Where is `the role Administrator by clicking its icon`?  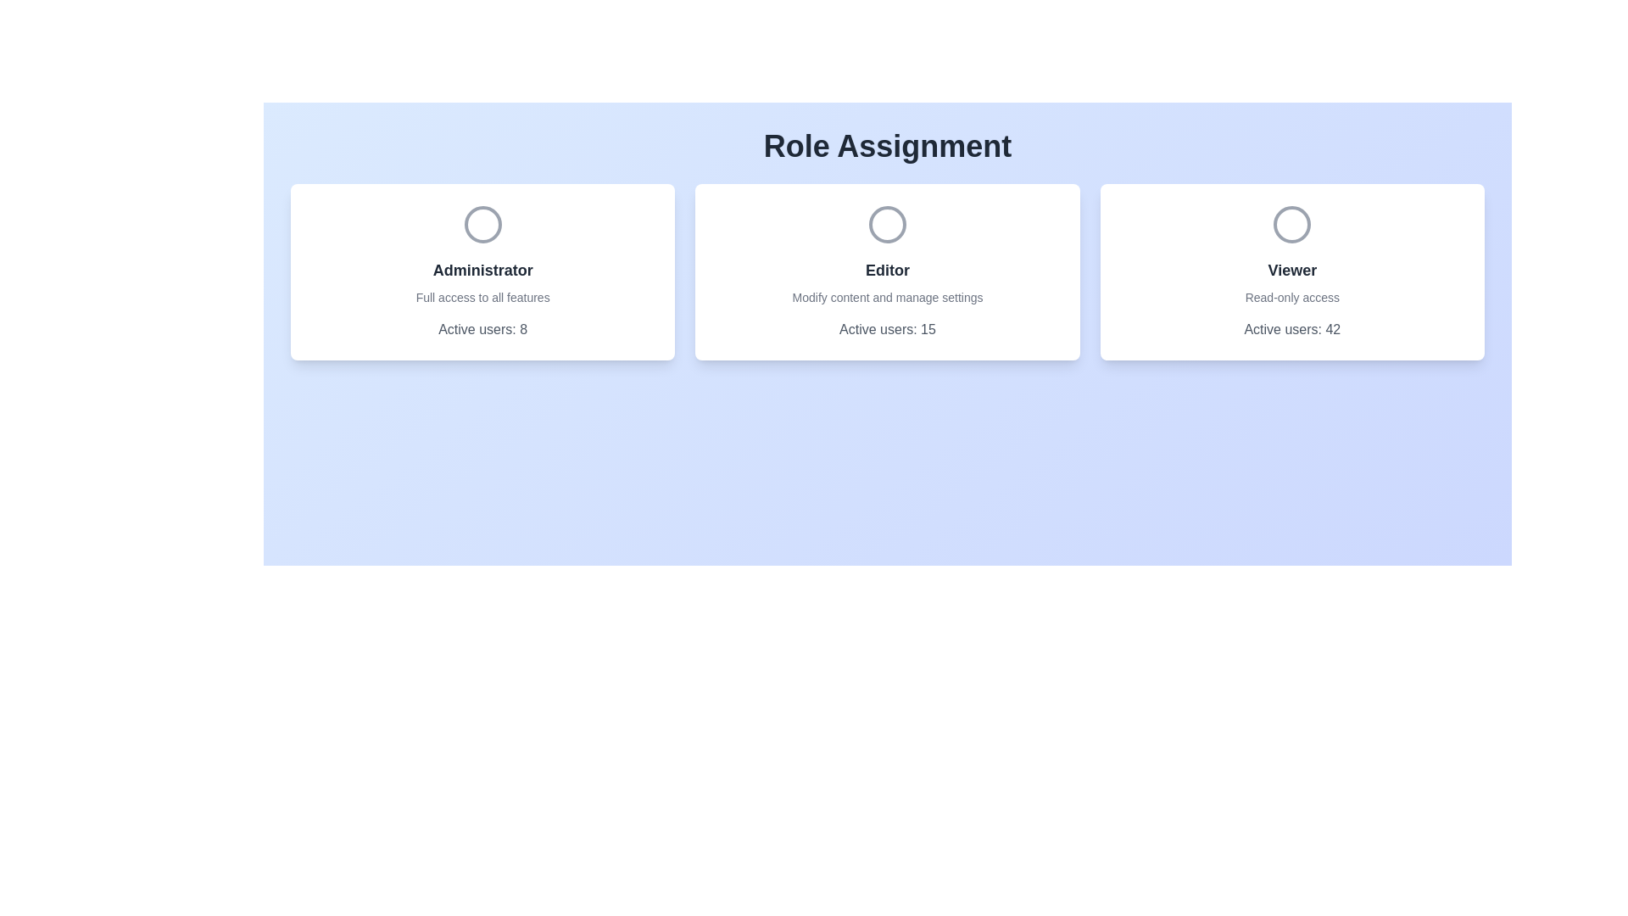 the role Administrator by clicking its icon is located at coordinates (482, 224).